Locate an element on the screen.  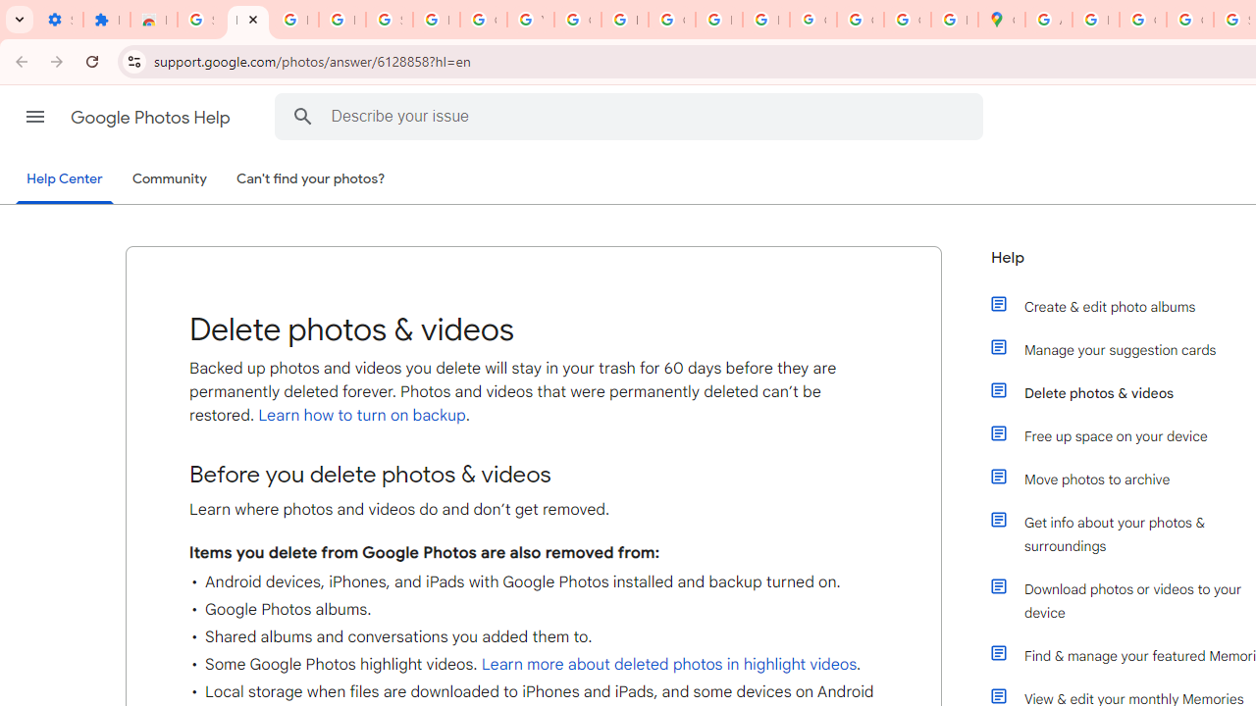
'Reviews: Helix Fruit Jump Arcade Game' is located at coordinates (152, 20).